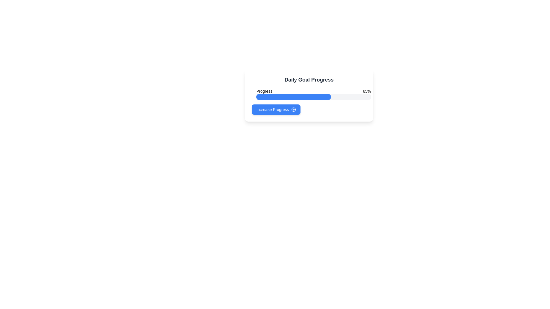  What do you see at coordinates (264, 91) in the screenshot?
I see `the 'Progress' text label, which is a small-sized standard font element located on the left side of the layout alongside '65%', within the 'Daily Goal Progress' card above the progress bar` at bounding box center [264, 91].